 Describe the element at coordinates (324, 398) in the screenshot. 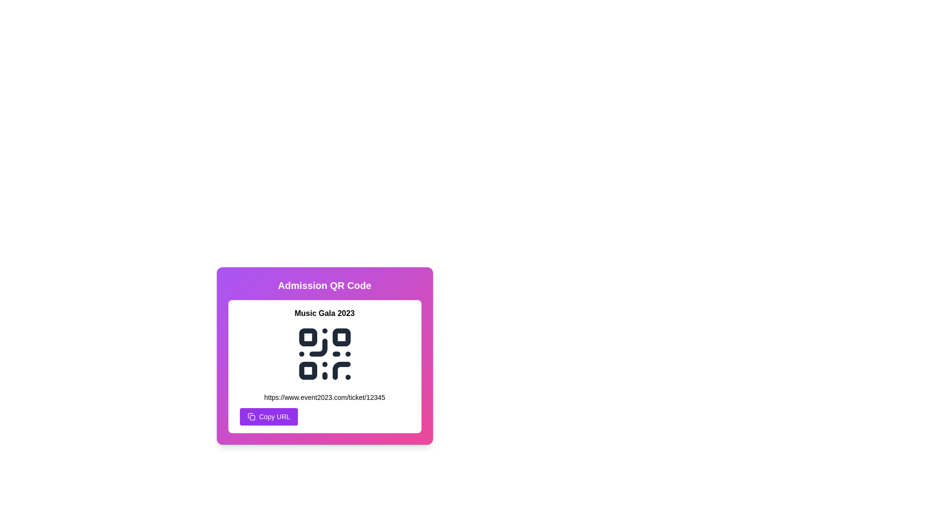

I see `the text displayed in the Text Display element located centrally at the bottom of the card beneath the QR code` at that location.